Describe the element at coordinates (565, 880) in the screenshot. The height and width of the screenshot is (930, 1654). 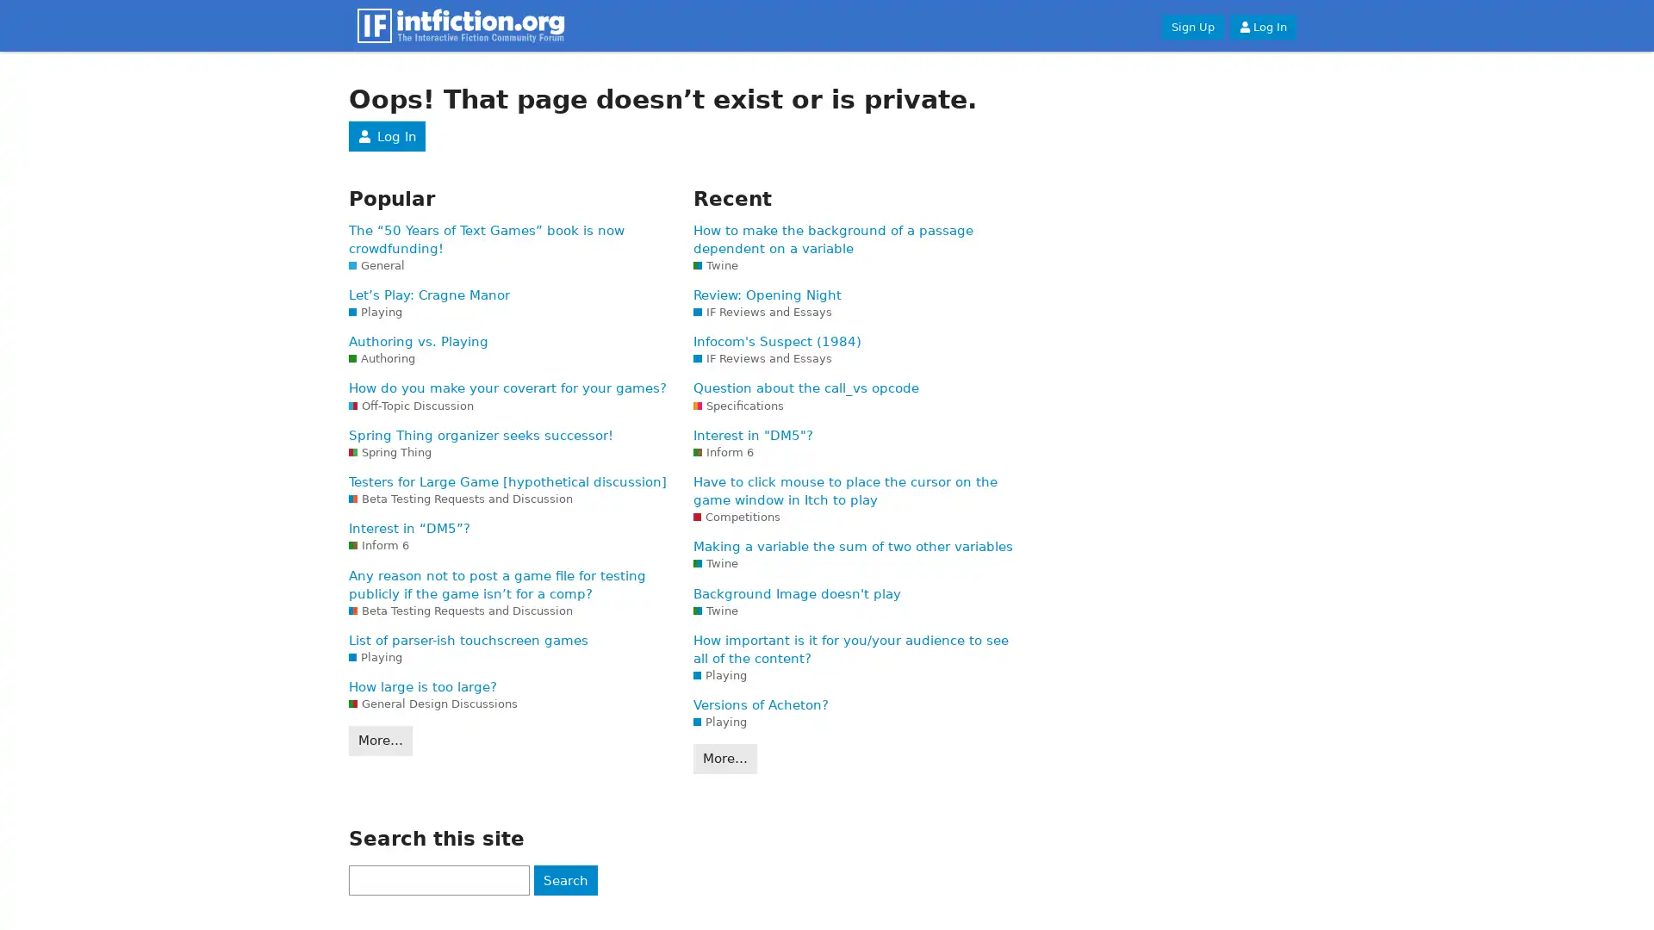
I see `Search` at that location.